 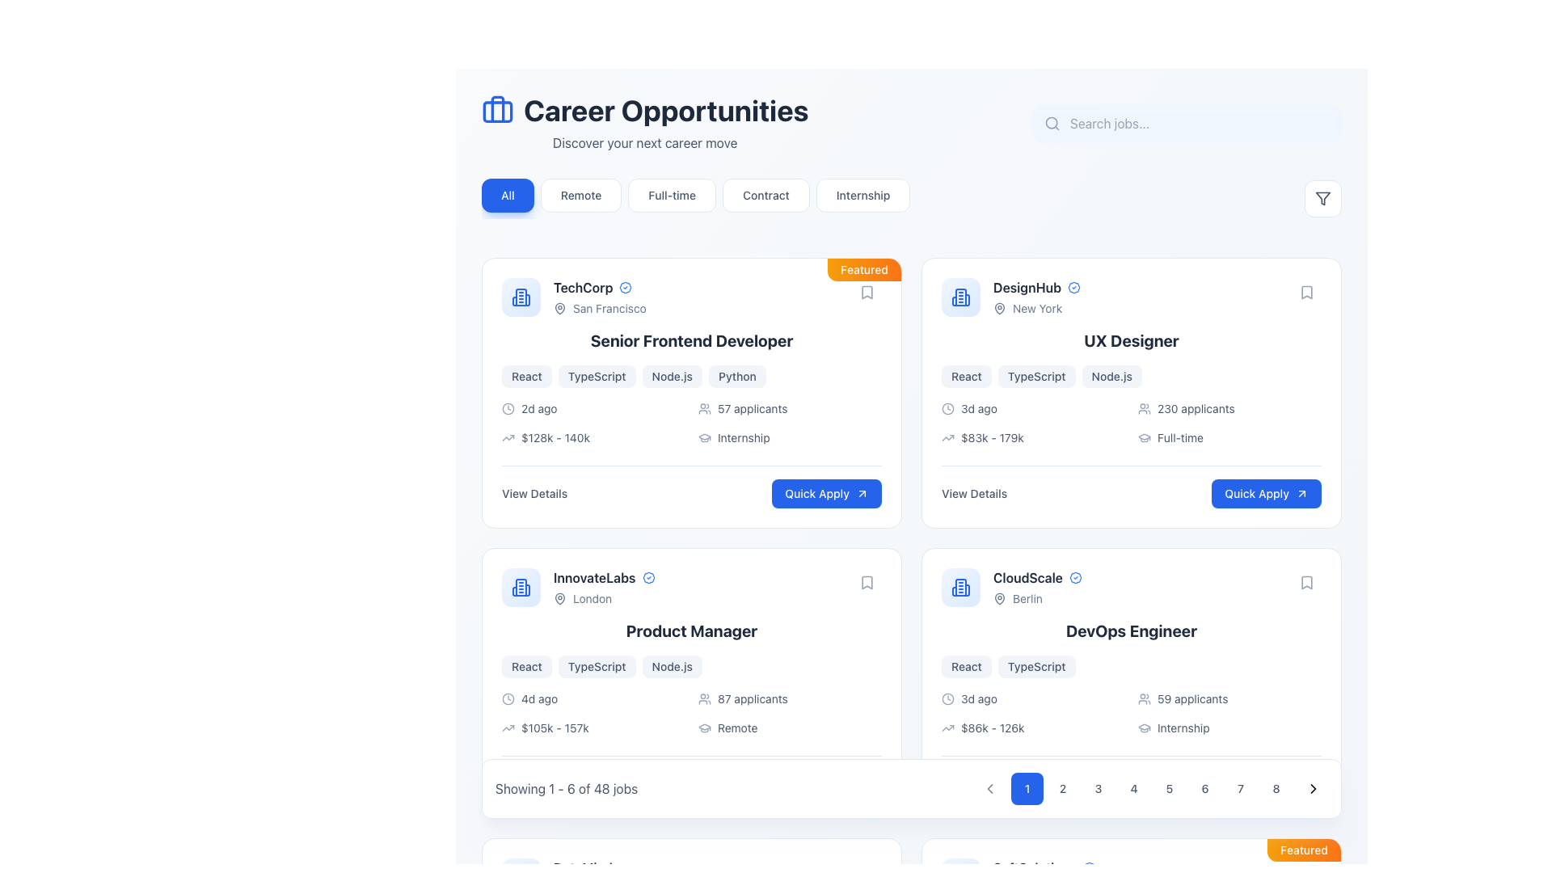 I want to click on the second tag in the horizontal list of tags within the job listing titled 'Senior Frontend Developer', located centrally in the first card on the page, so click(x=596, y=377).